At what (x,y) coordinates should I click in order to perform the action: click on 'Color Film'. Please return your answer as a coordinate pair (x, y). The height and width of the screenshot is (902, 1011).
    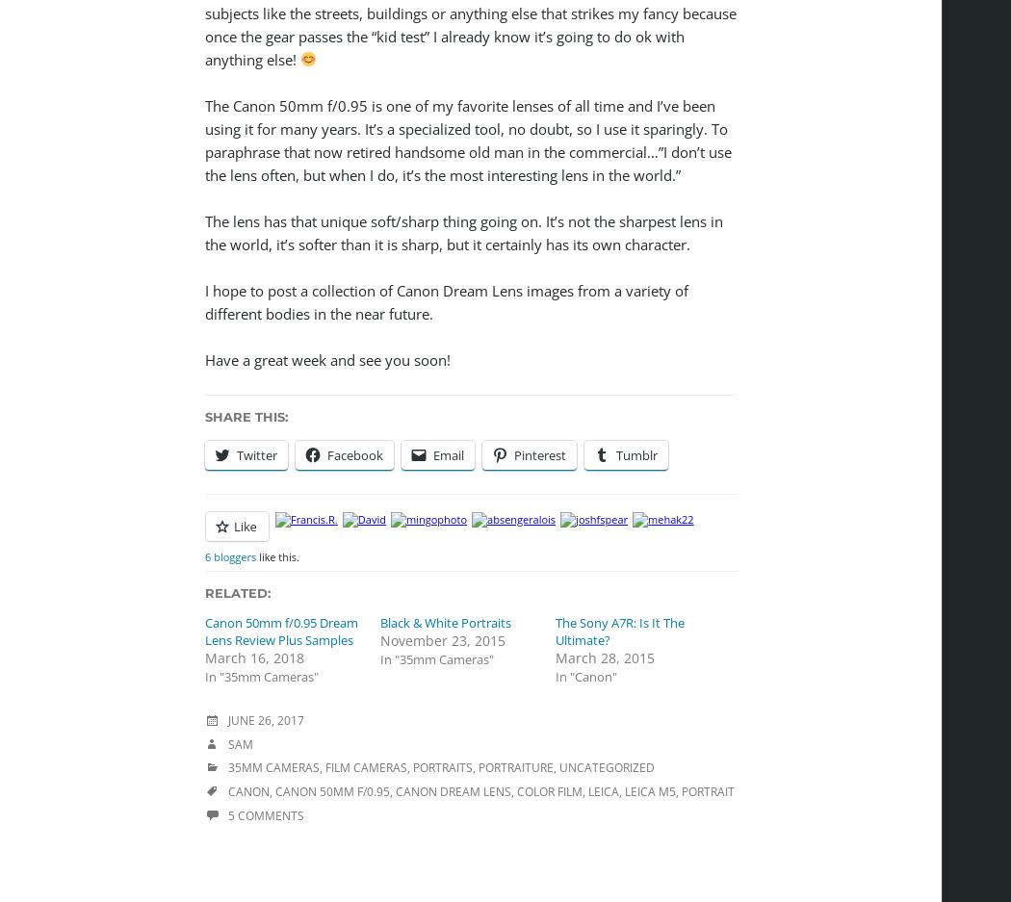
    Looking at the image, I should click on (548, 790).